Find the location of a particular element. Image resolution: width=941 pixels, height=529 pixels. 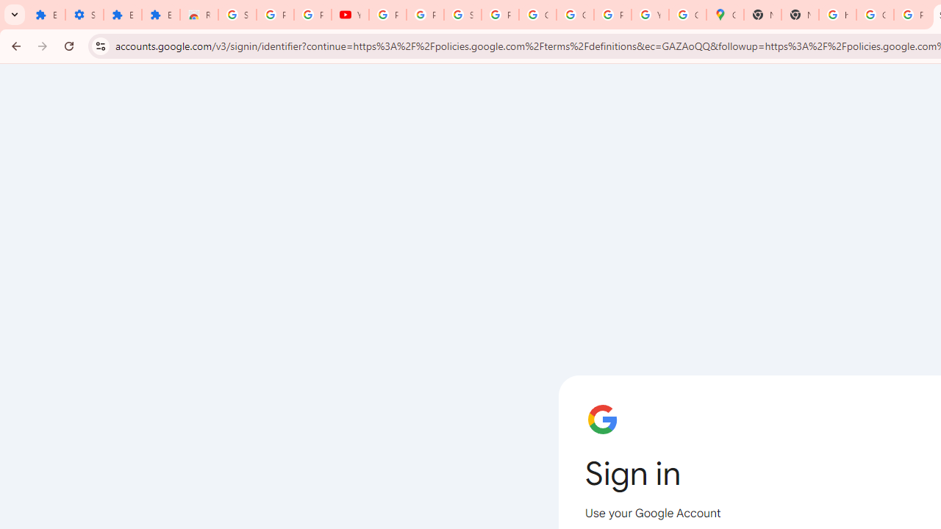

'https://scholar.google.com/' is located at coordinates (837, 15).